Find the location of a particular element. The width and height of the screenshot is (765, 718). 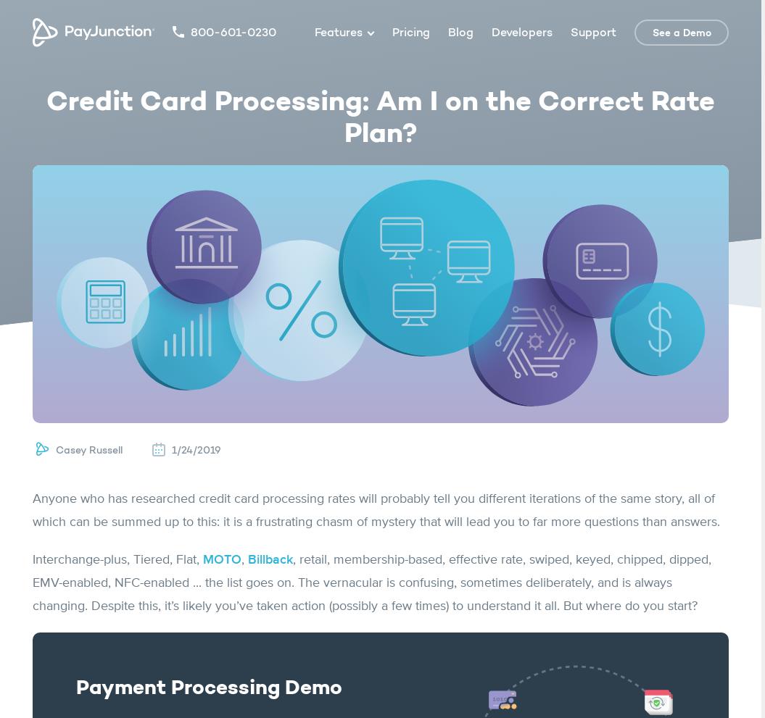

'Interchange-plus, Tiered, Flat,' is located at coordinates (117, 559).